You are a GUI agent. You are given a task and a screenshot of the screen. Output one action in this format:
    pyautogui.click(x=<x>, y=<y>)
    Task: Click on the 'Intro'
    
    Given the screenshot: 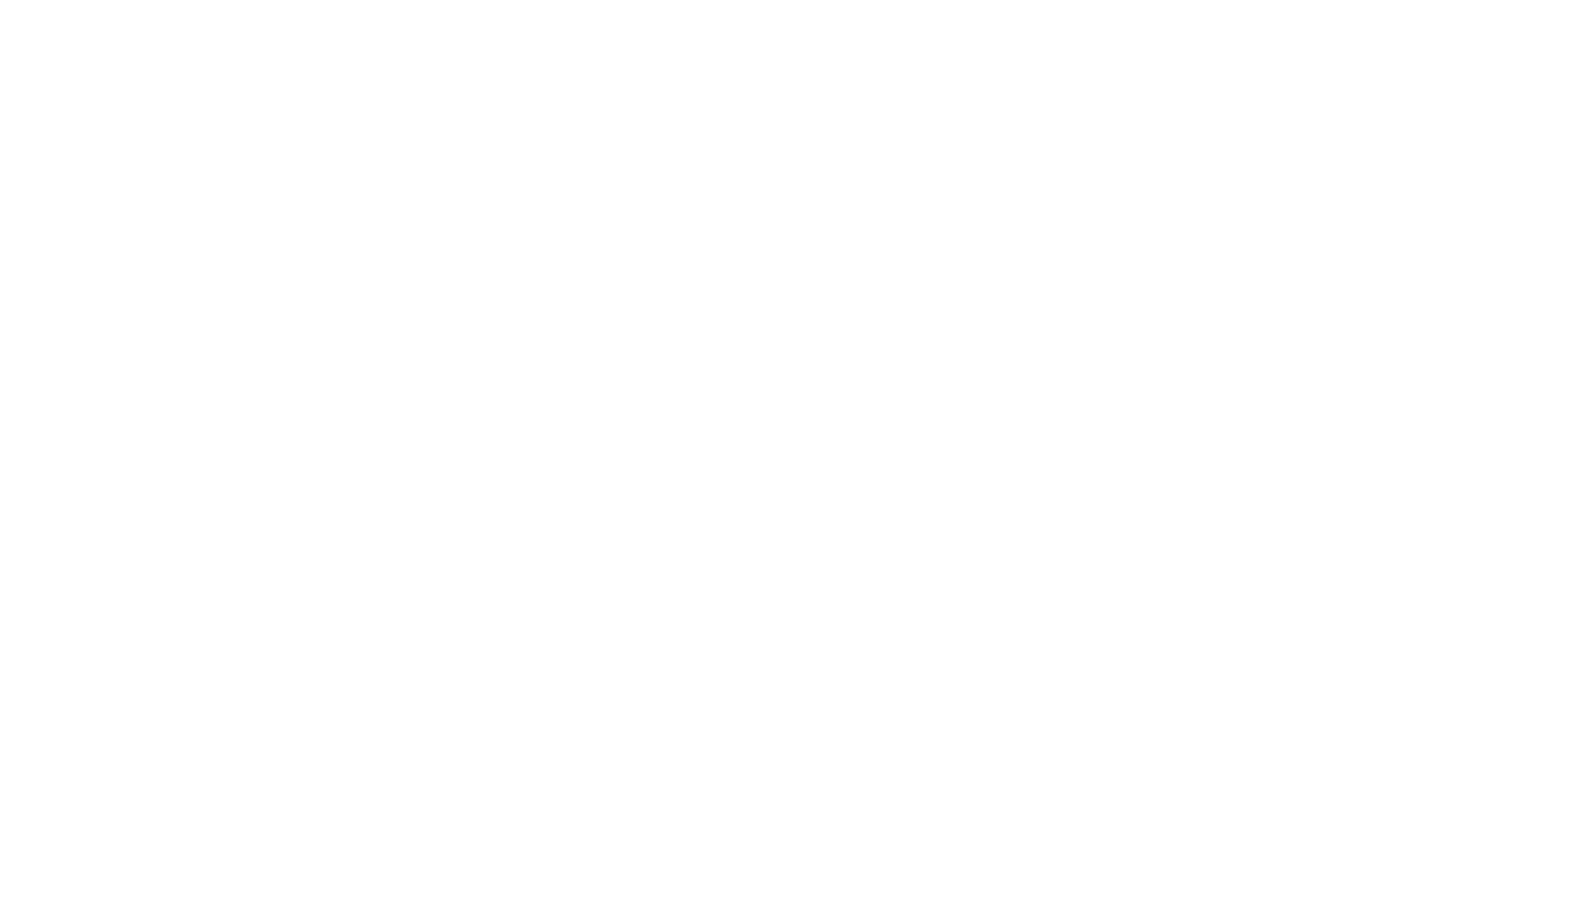 What is the action you would take?
    pyautogui.click(x=60, y=277)
    